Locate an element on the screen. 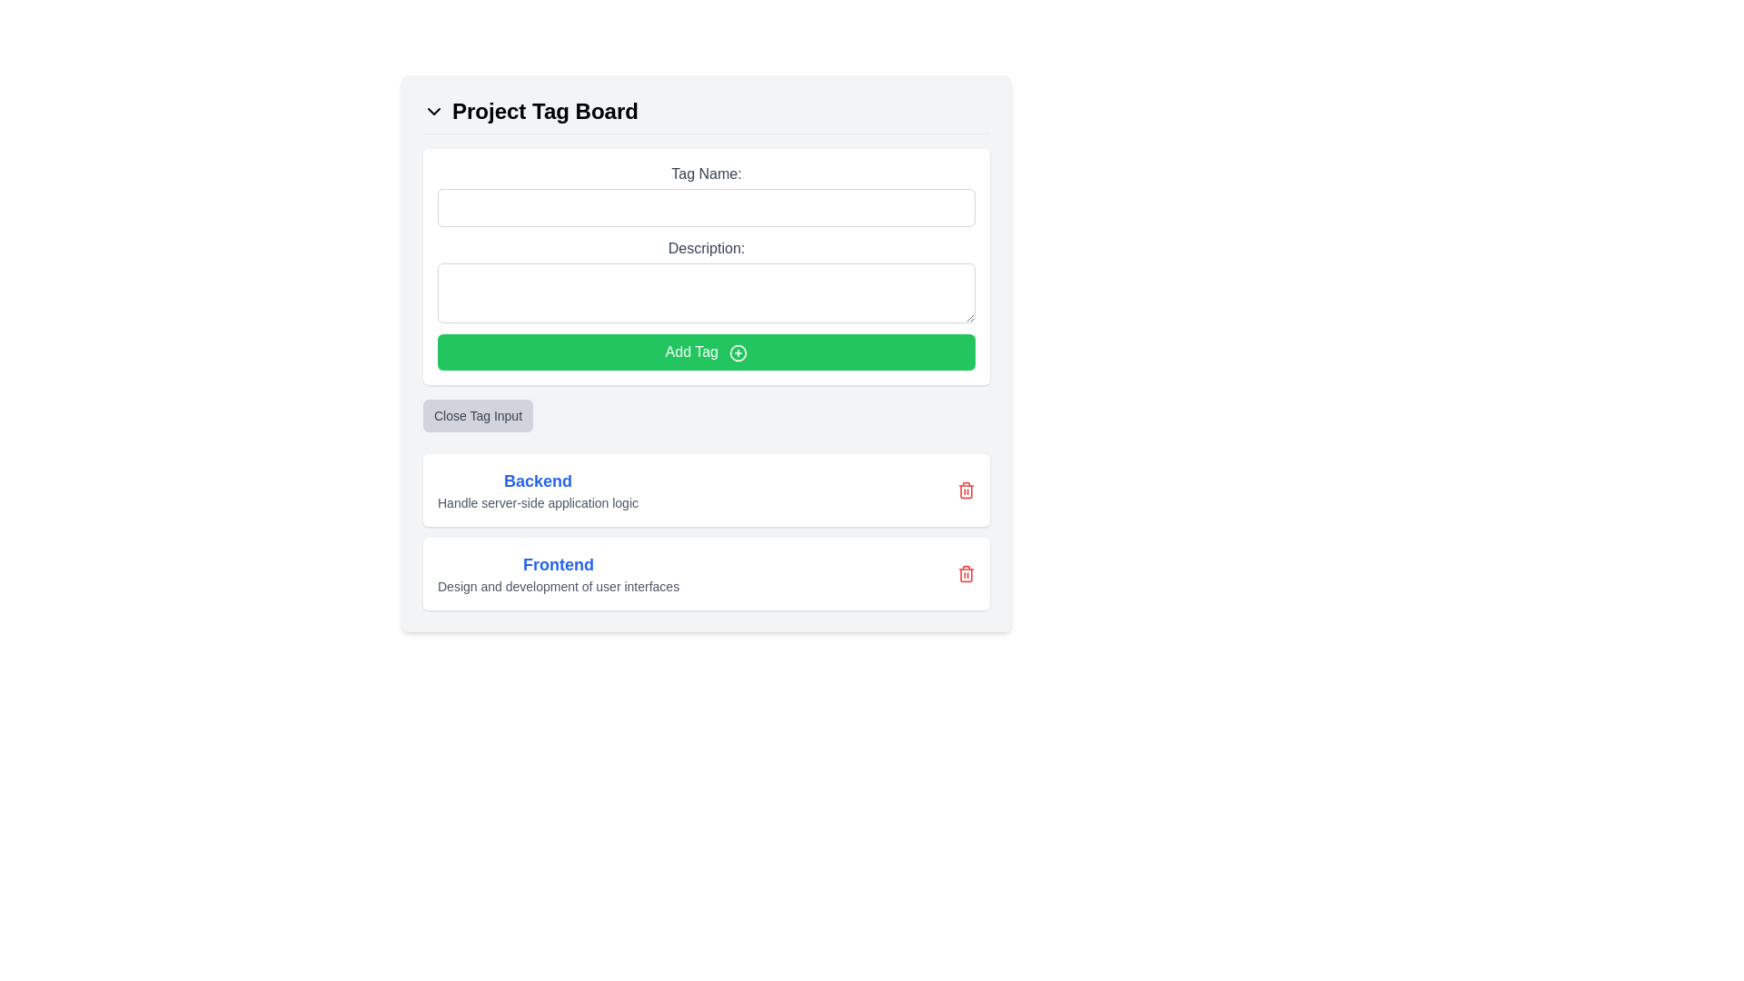 This screenshot has height=981, width=1744. the Text display element that provides information about the 'Frontend' tag, located below the 'Backend' item in the 'Project Tag Board' is located at coordinates (558, 574).